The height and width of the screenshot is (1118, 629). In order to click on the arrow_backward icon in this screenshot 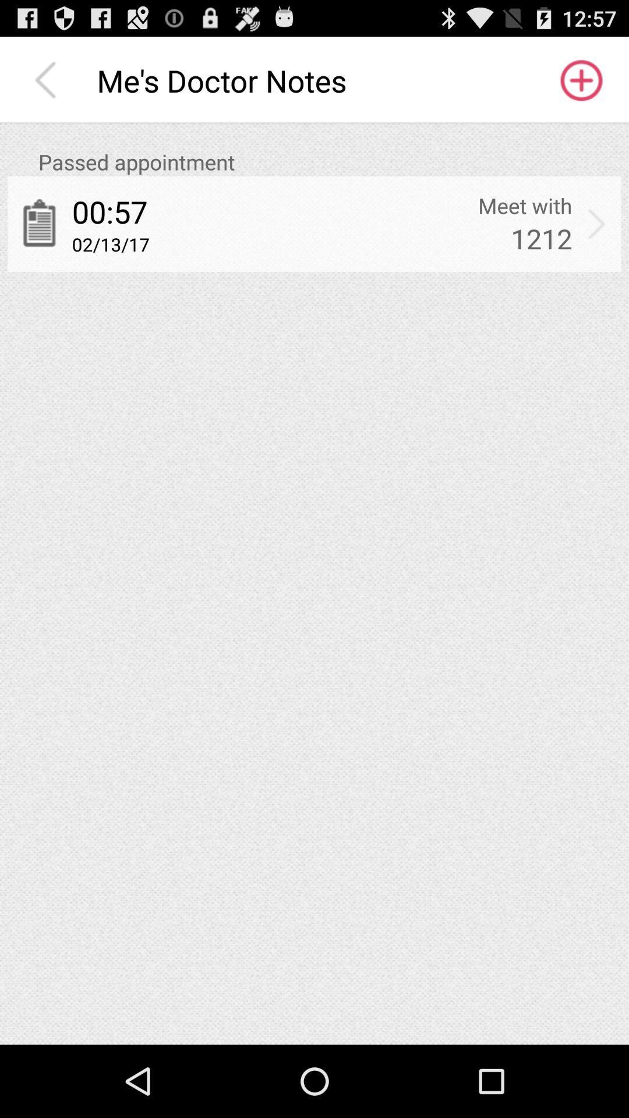, I will do `click(48, 86)`.